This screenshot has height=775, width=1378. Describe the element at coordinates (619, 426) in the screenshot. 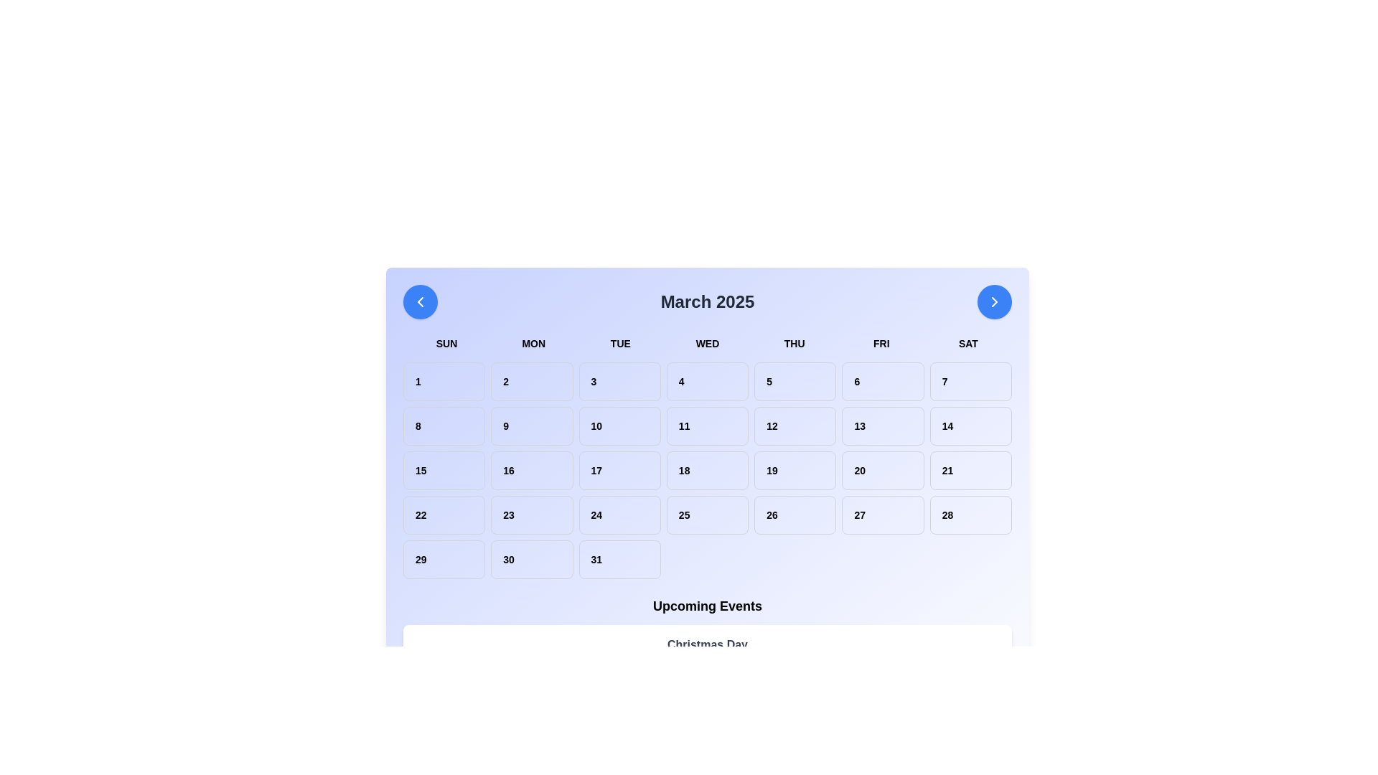

I see `the button representing the 10th day of March 2025 in the calendar UI` at that location.